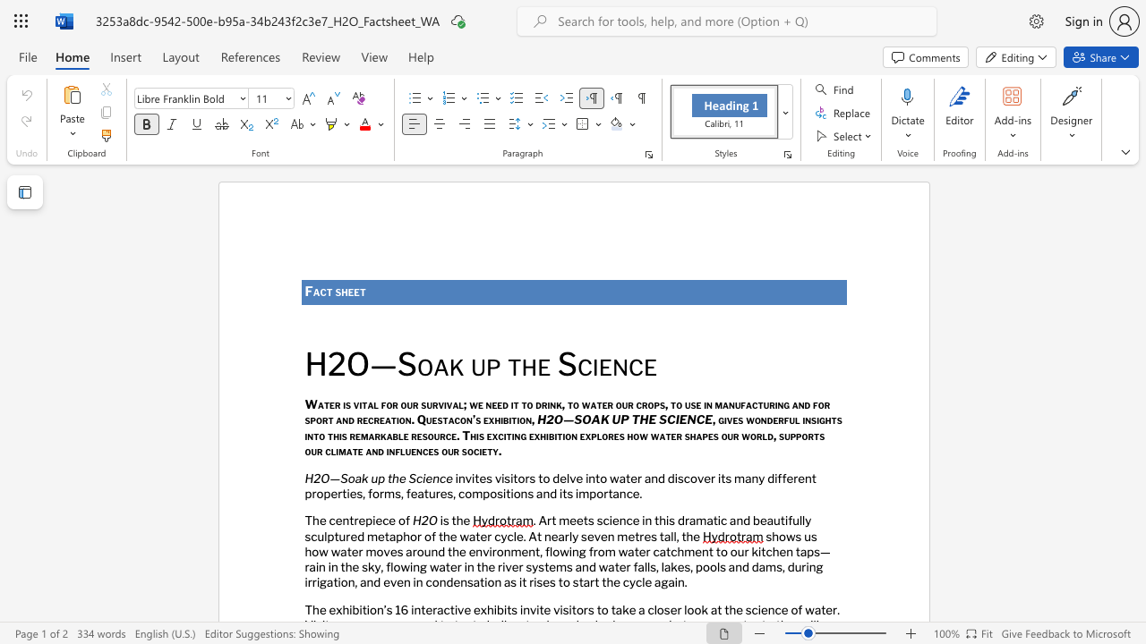 Image resolution: width=1146 pixels, height=644 pixels. Describe the element at coordinates (619, 435) in the screenshot. I see `the subset text "s how water shapes our" within the text ", gives wonderful insights into this remarkable resource. This exciting exhibition explores how water shapes our world, supports our"` at that location.